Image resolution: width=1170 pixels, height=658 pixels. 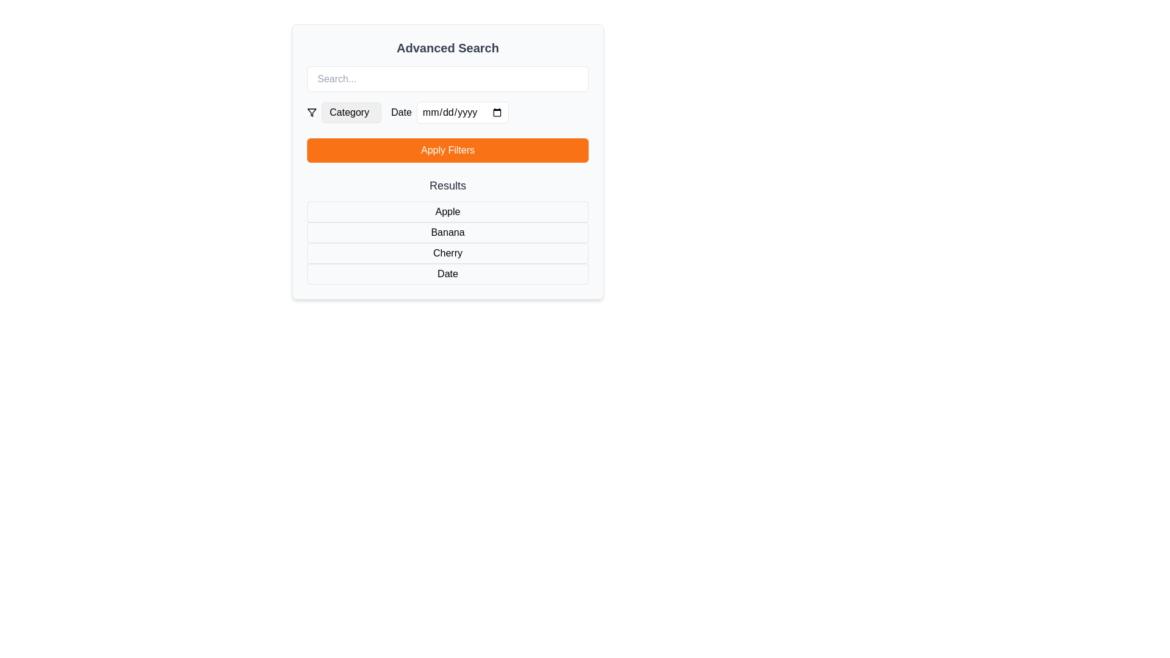 What do you see at coordinates (447, 253) in the screenshot?
I see `the clickable list item representing 'Cherry' to trigger the hover effect` at bounding box center [447, 253].